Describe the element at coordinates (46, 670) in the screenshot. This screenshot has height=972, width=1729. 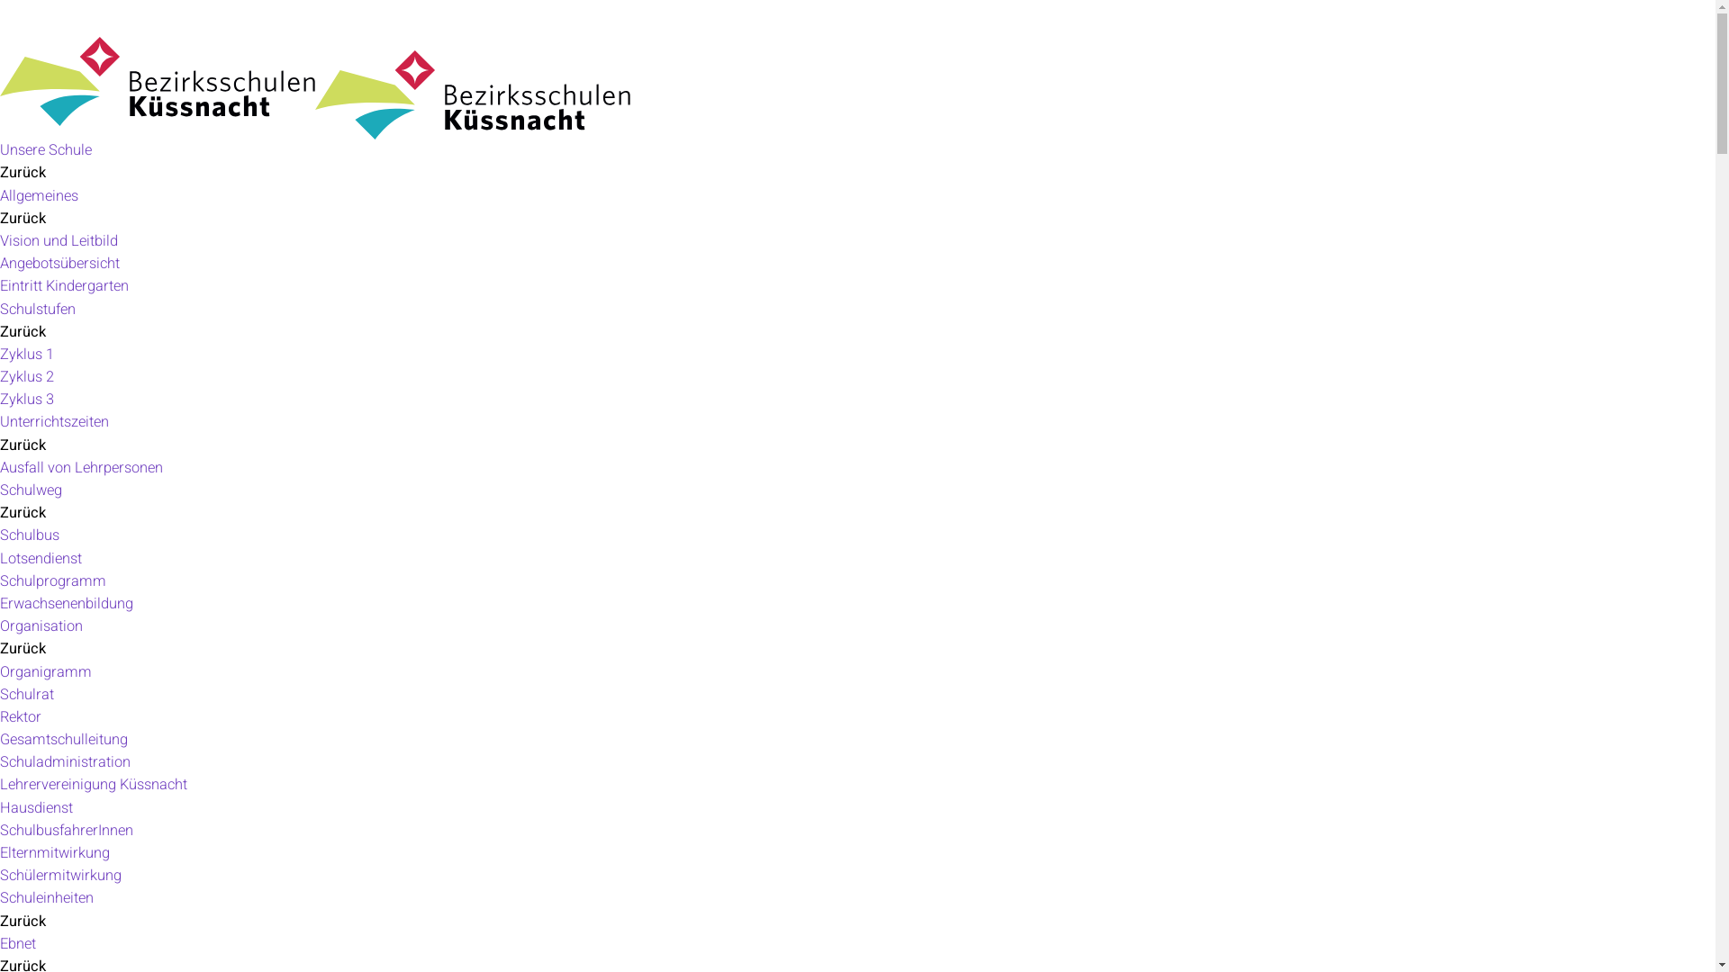
I see `'Organigramm'` at that location.